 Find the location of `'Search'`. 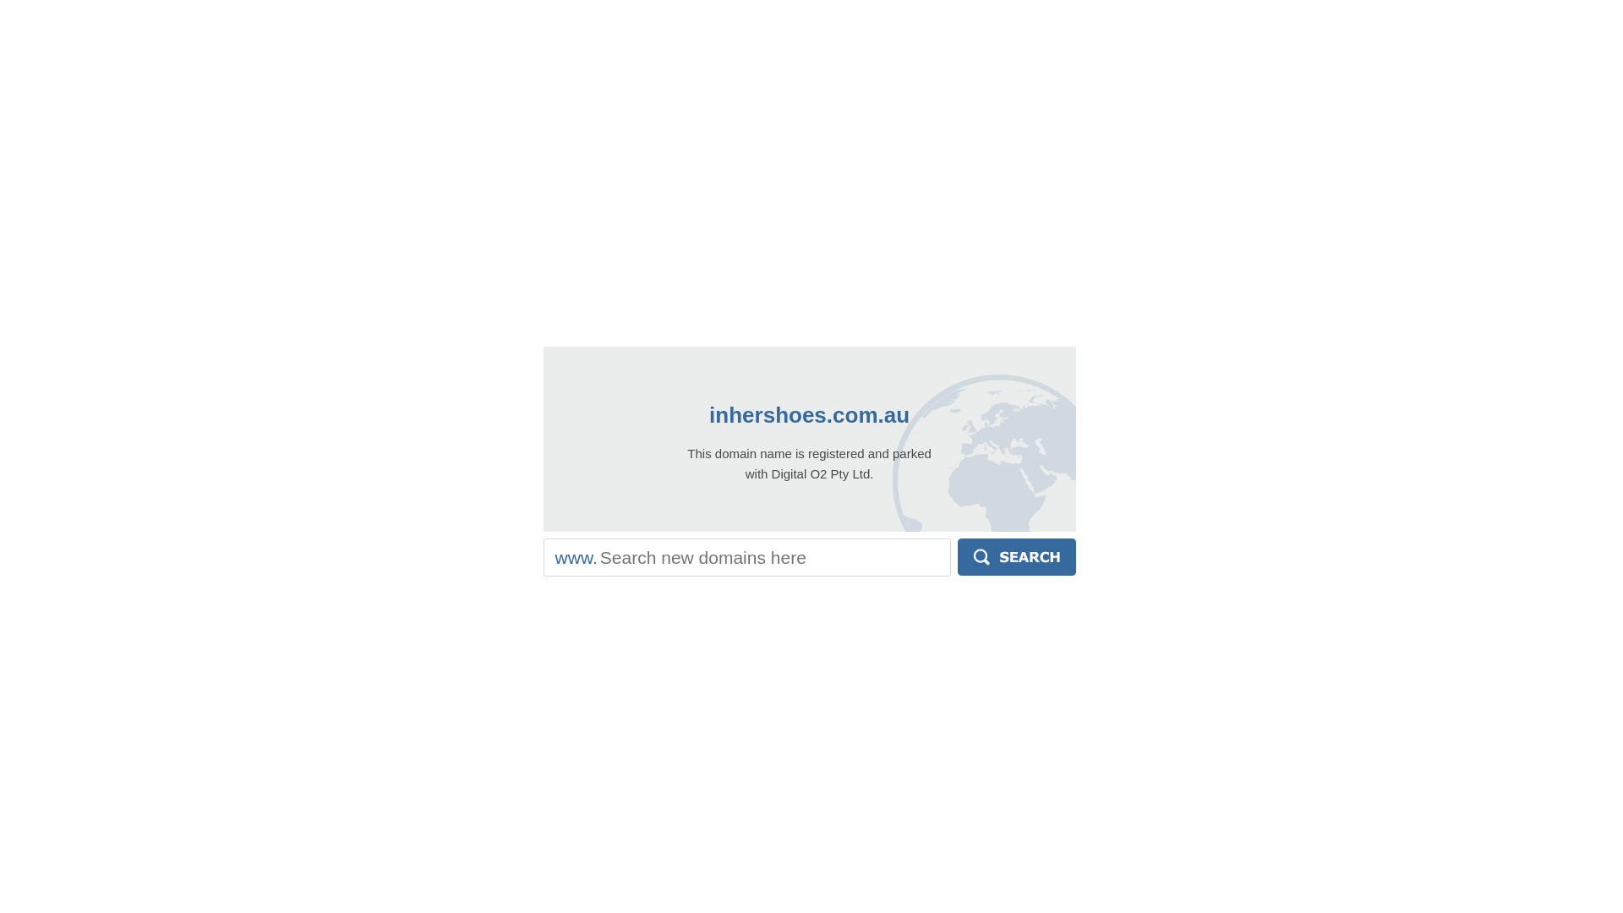

'Search' is located at coordinates (1016, 557).